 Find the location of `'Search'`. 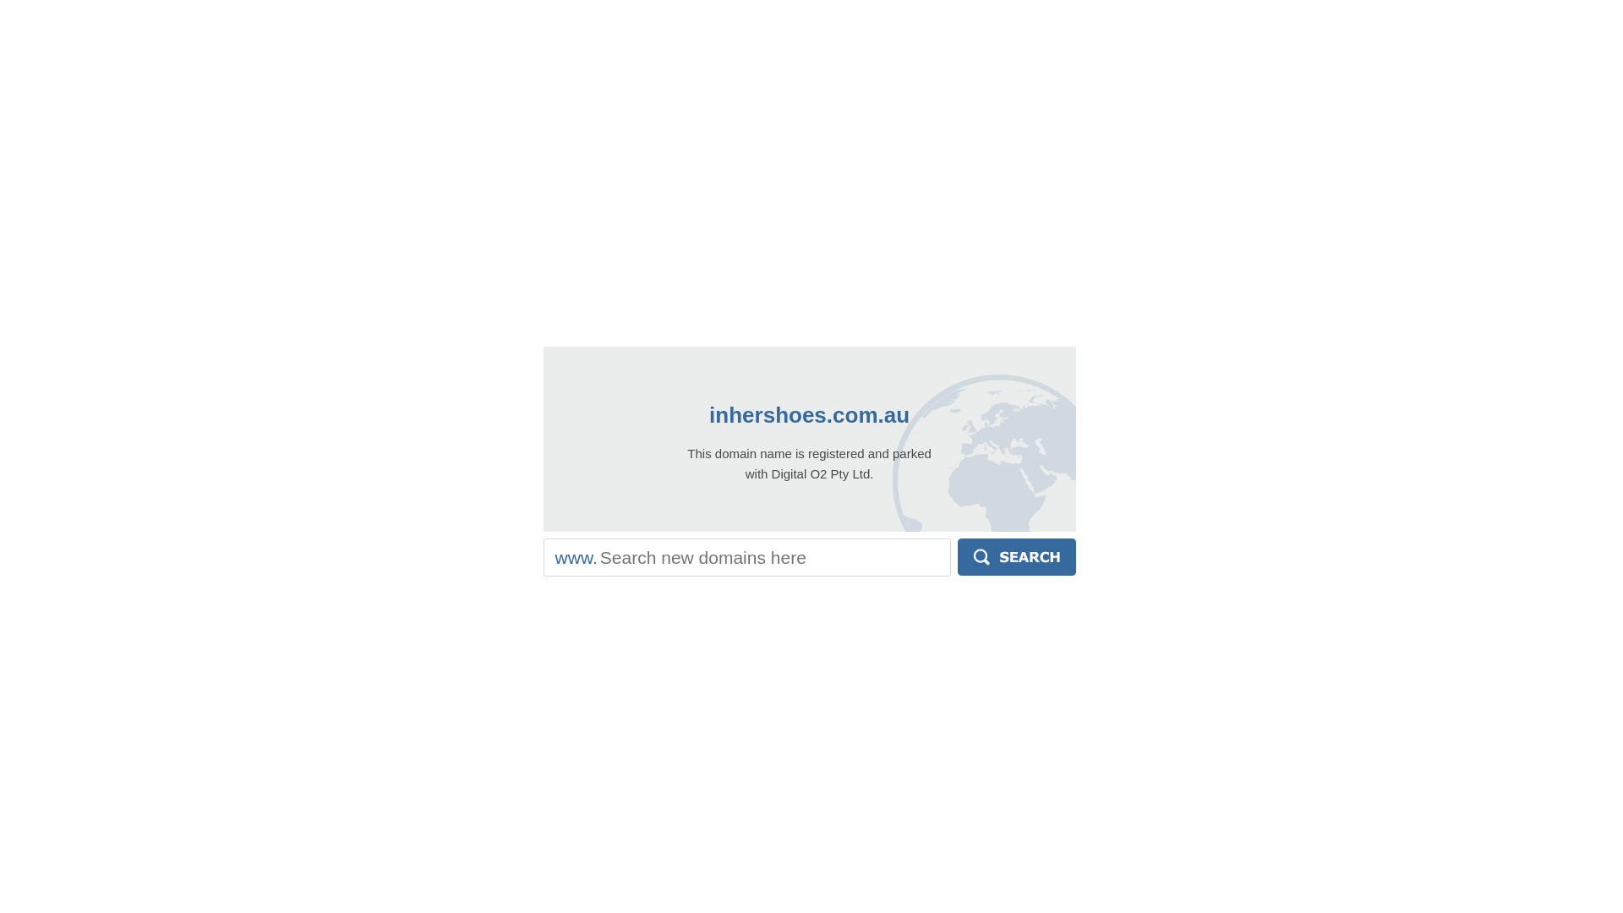

'Search' is located at coordinates (1016, 557).